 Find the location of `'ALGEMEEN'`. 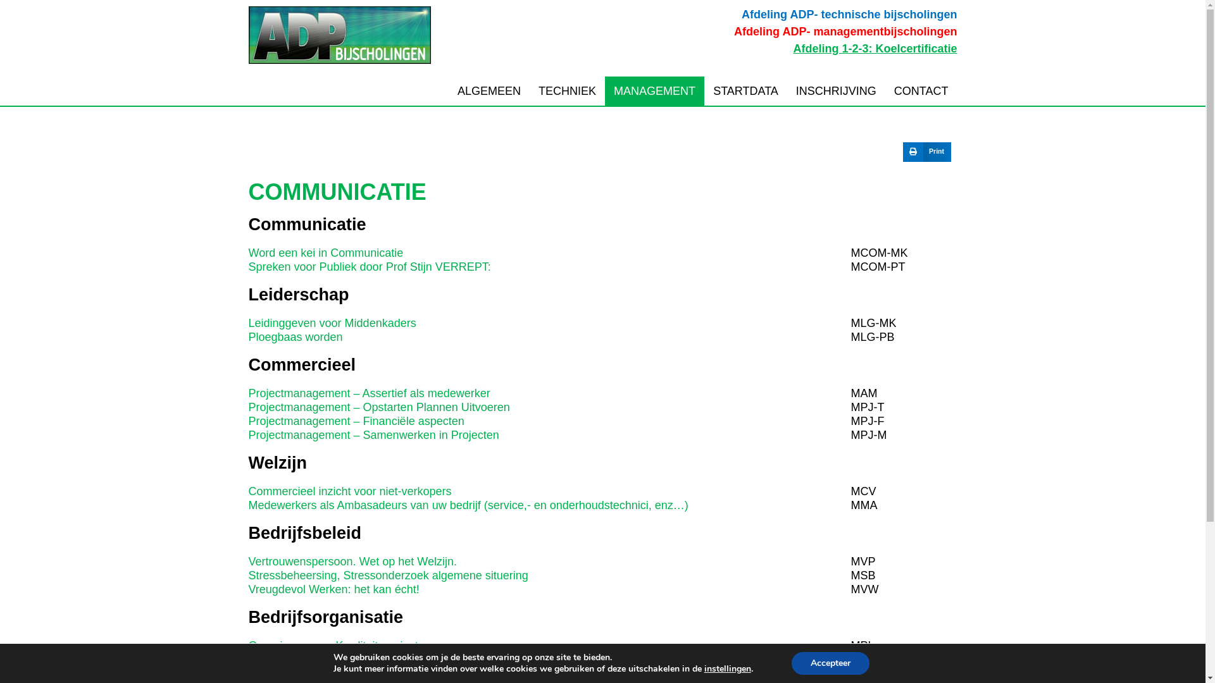

'ALGEMEEN' is located at coordinates (449, 90).